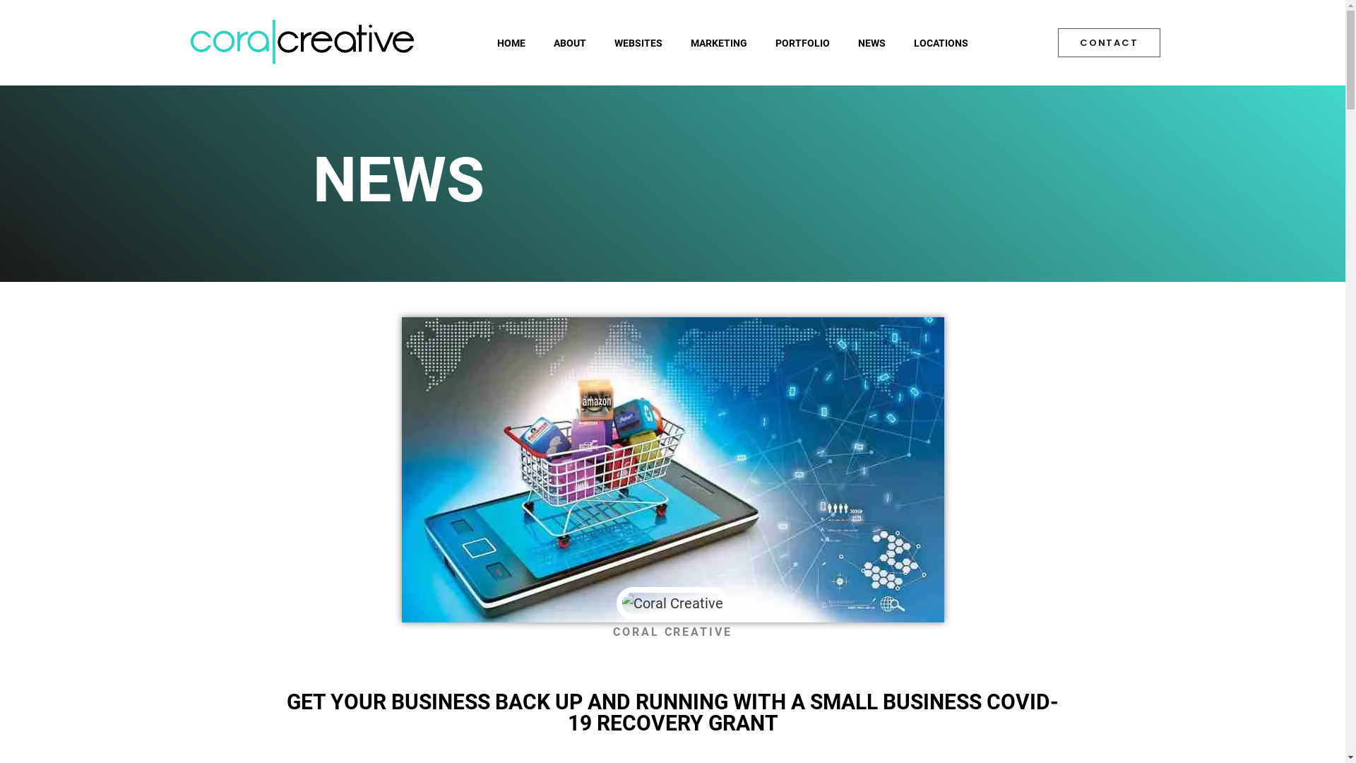 This screenshot has height=763, width=1356. Describe the element at coordinates (871, 42) in the screenshot. I see `'NEWS'` at that location.